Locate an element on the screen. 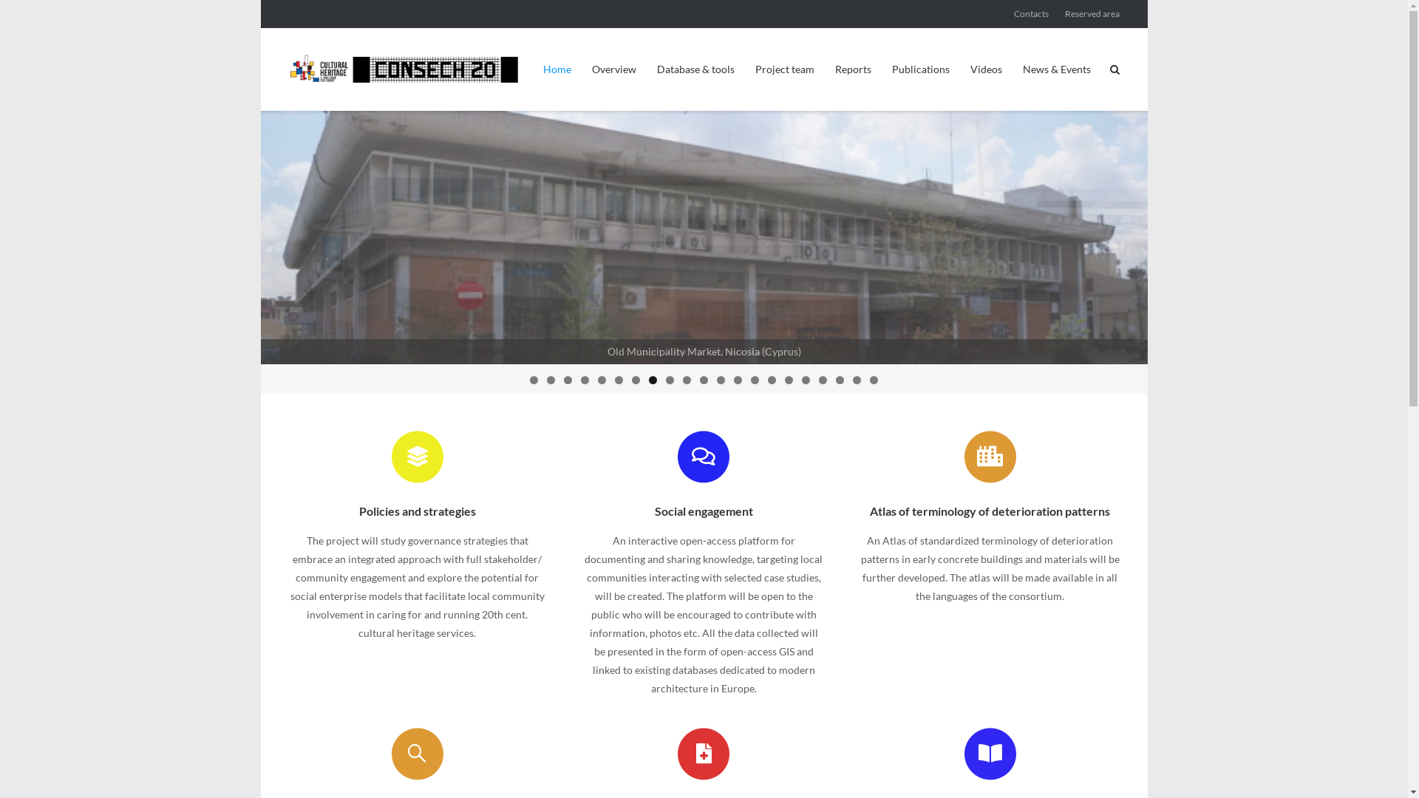  'Overview' is located at coordinates (592, 69).